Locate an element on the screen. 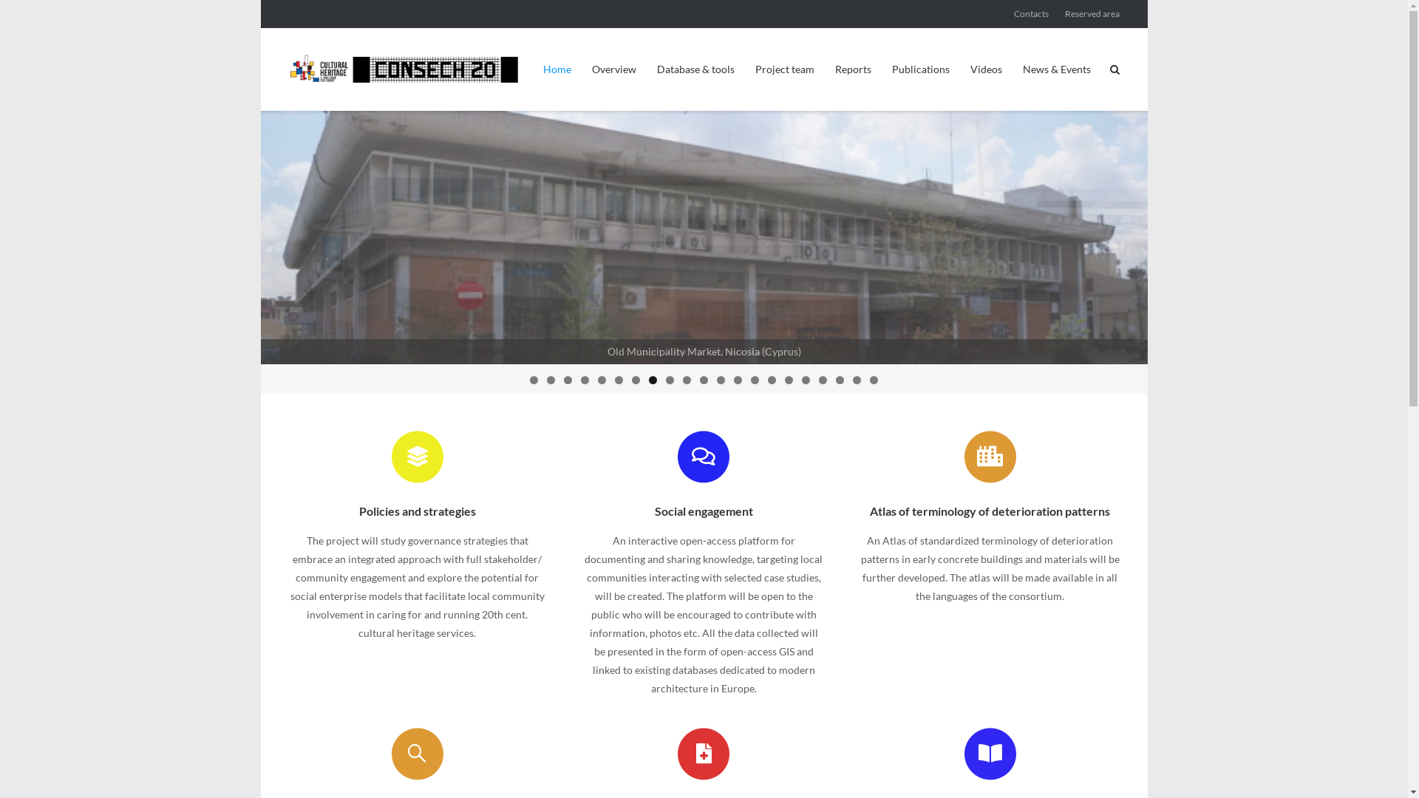  'Overview' is located at coordinates (592, 69).